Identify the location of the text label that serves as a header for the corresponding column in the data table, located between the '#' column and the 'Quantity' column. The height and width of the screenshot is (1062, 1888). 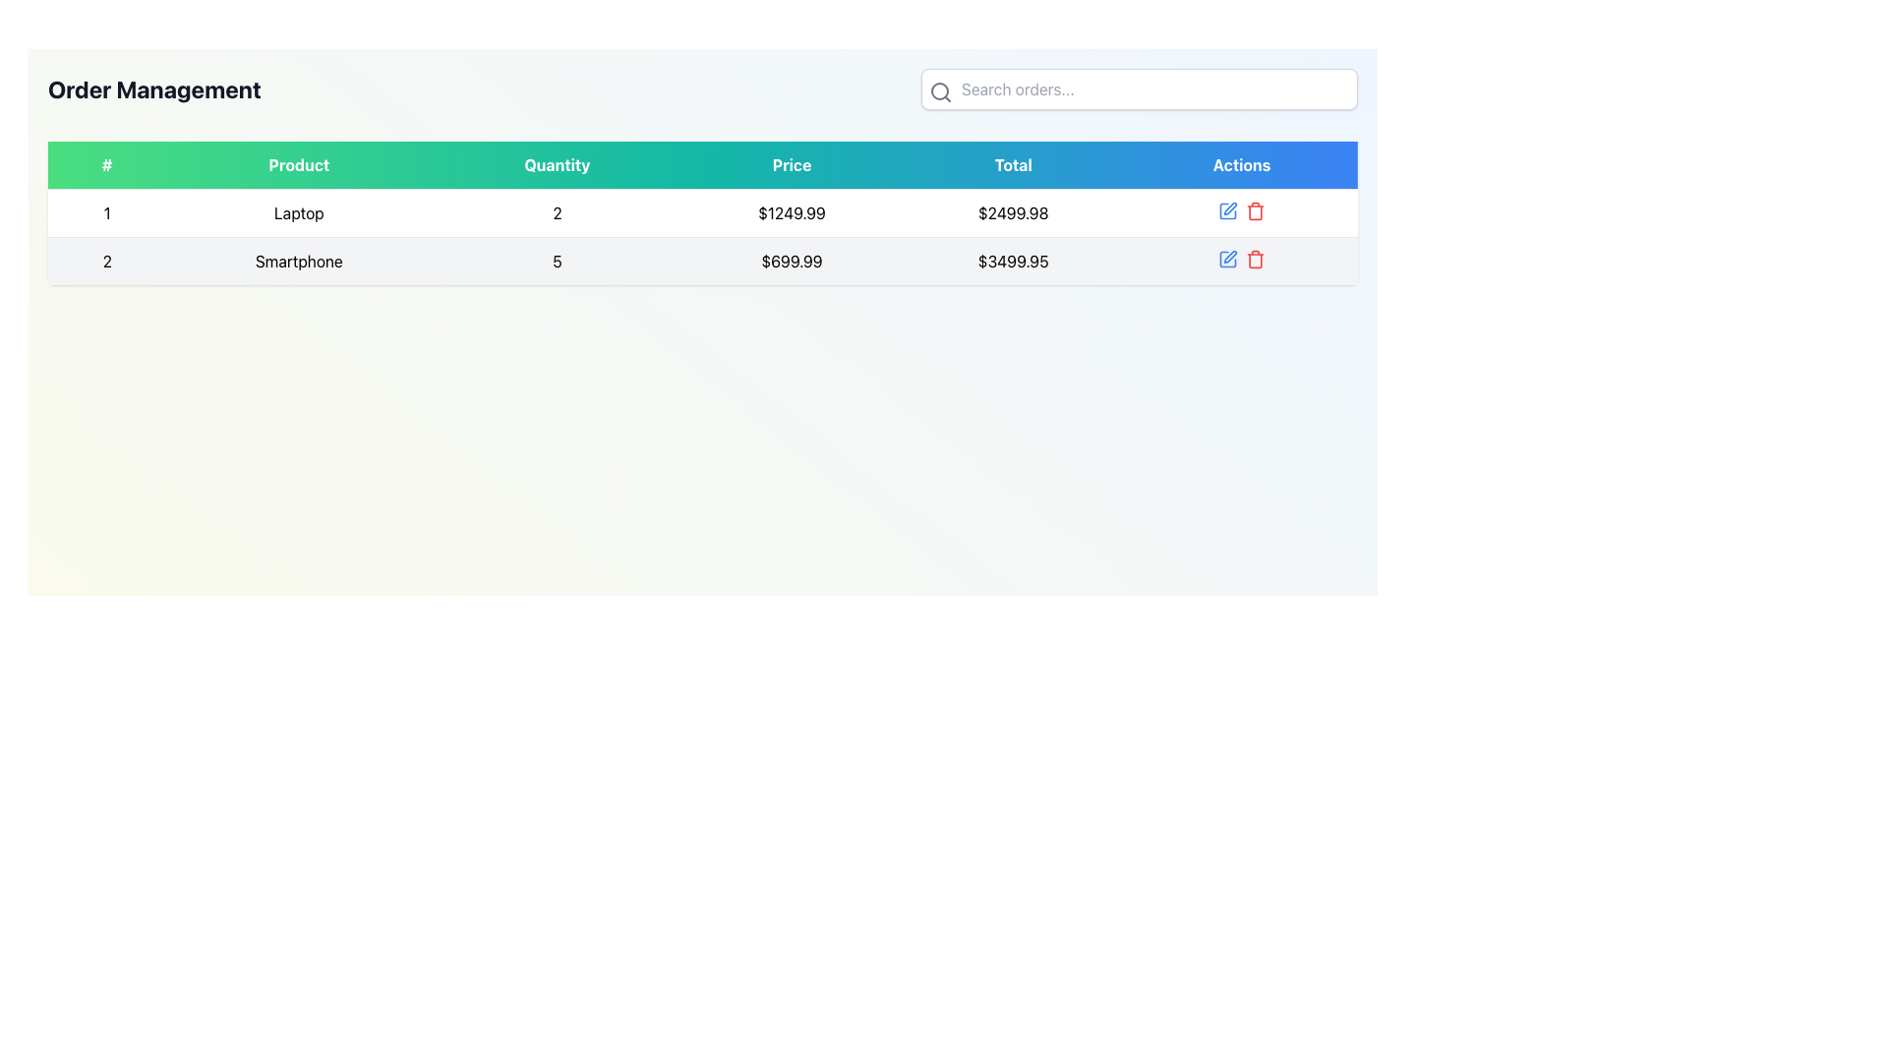
(298, 164).